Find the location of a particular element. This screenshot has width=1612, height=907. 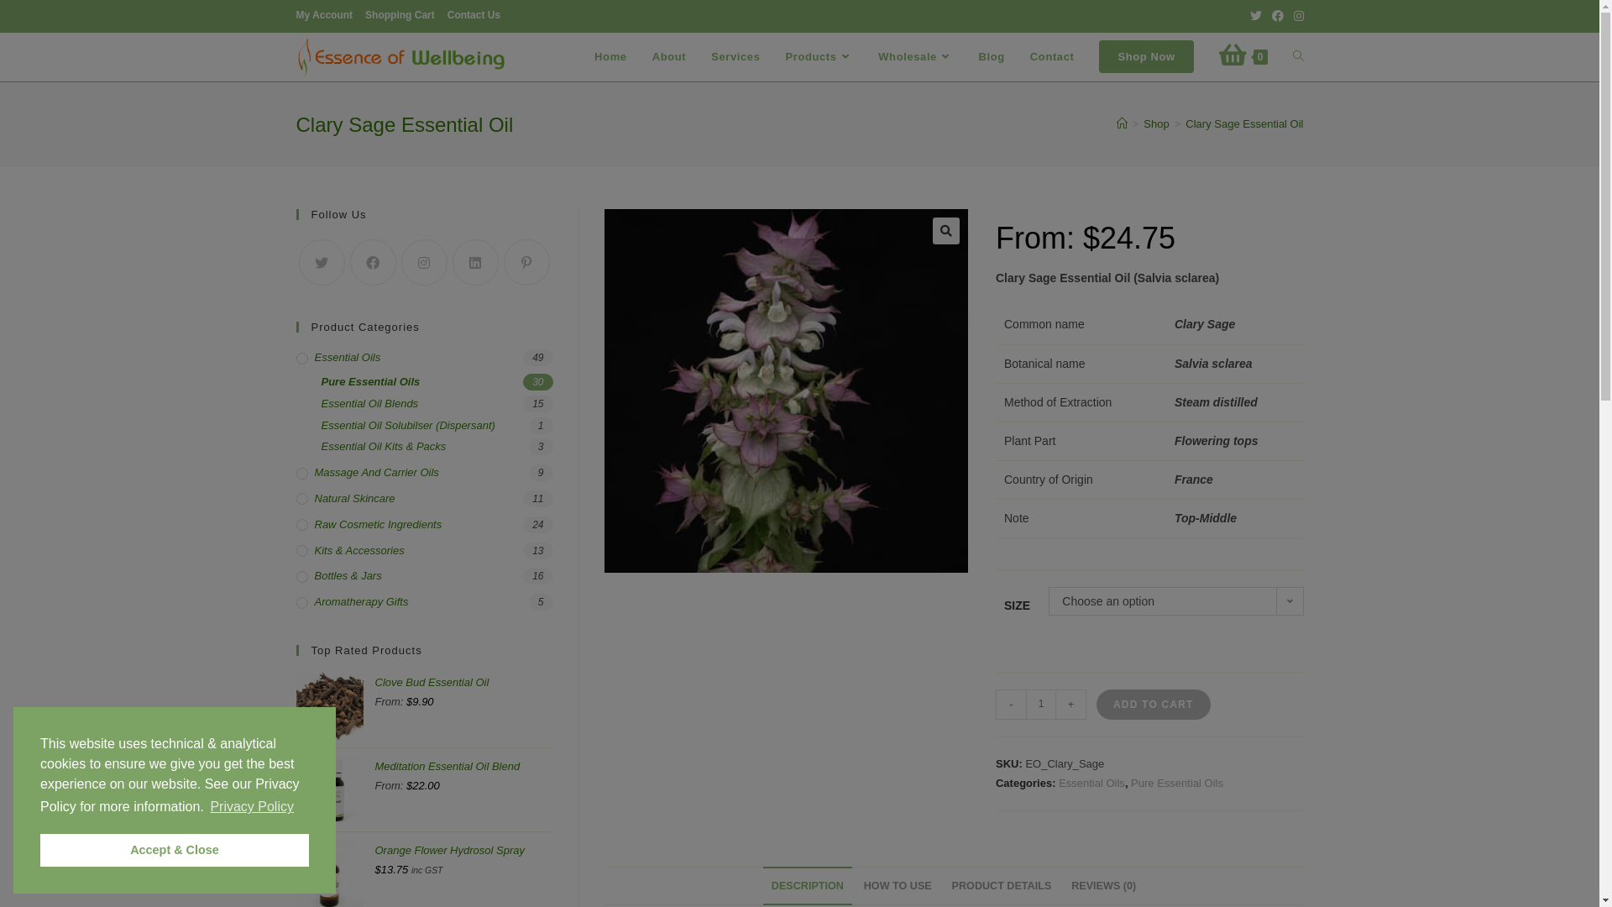

'Meditation Essential Oil Blend' is located at coordinates (463, 776).